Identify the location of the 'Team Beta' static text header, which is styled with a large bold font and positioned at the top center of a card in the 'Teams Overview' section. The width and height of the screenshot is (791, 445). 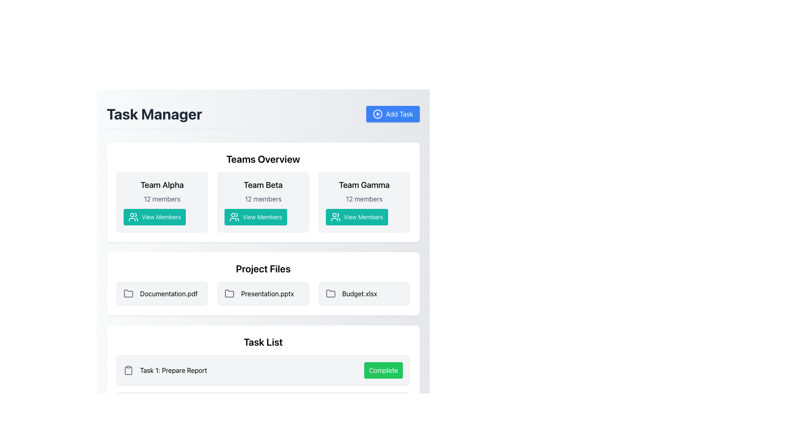
(262, 184).